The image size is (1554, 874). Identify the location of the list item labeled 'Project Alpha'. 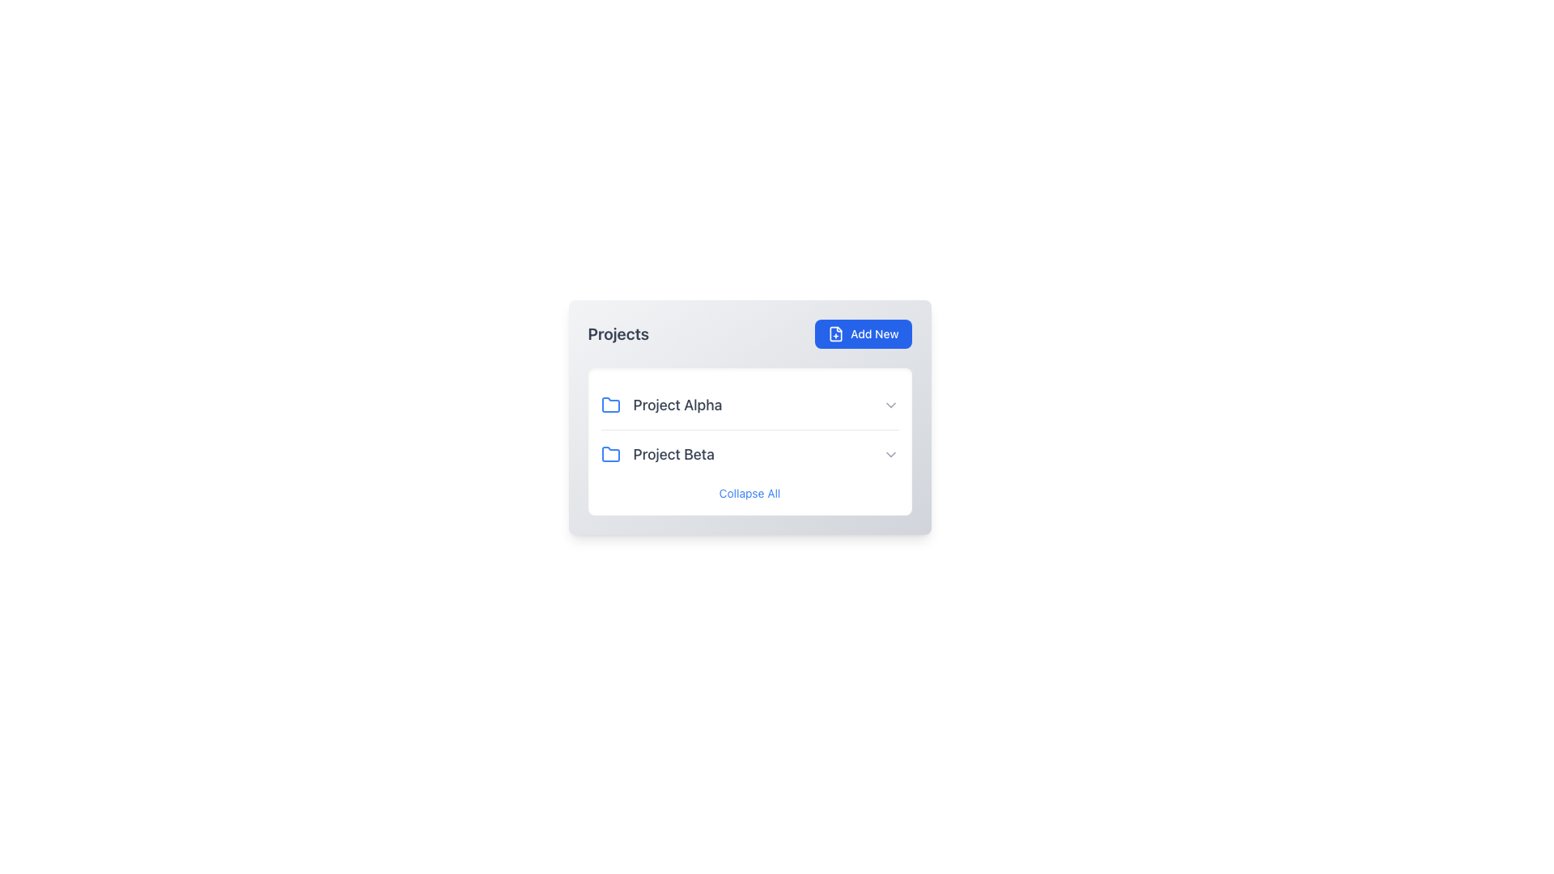
(749, 405).